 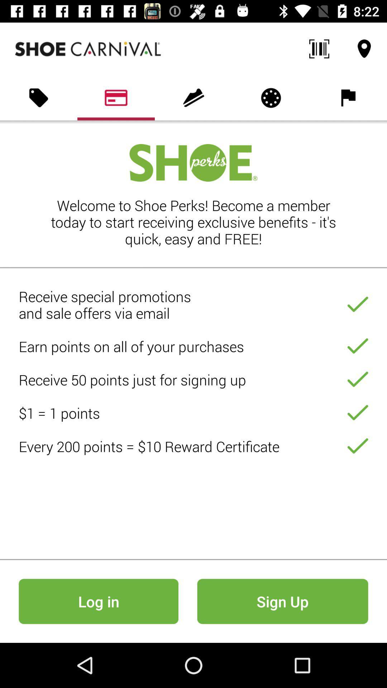 What do you see at coordinates (87, 49) in the screenshot?
I see `shoe carnival` at bounding box center [87, 49].